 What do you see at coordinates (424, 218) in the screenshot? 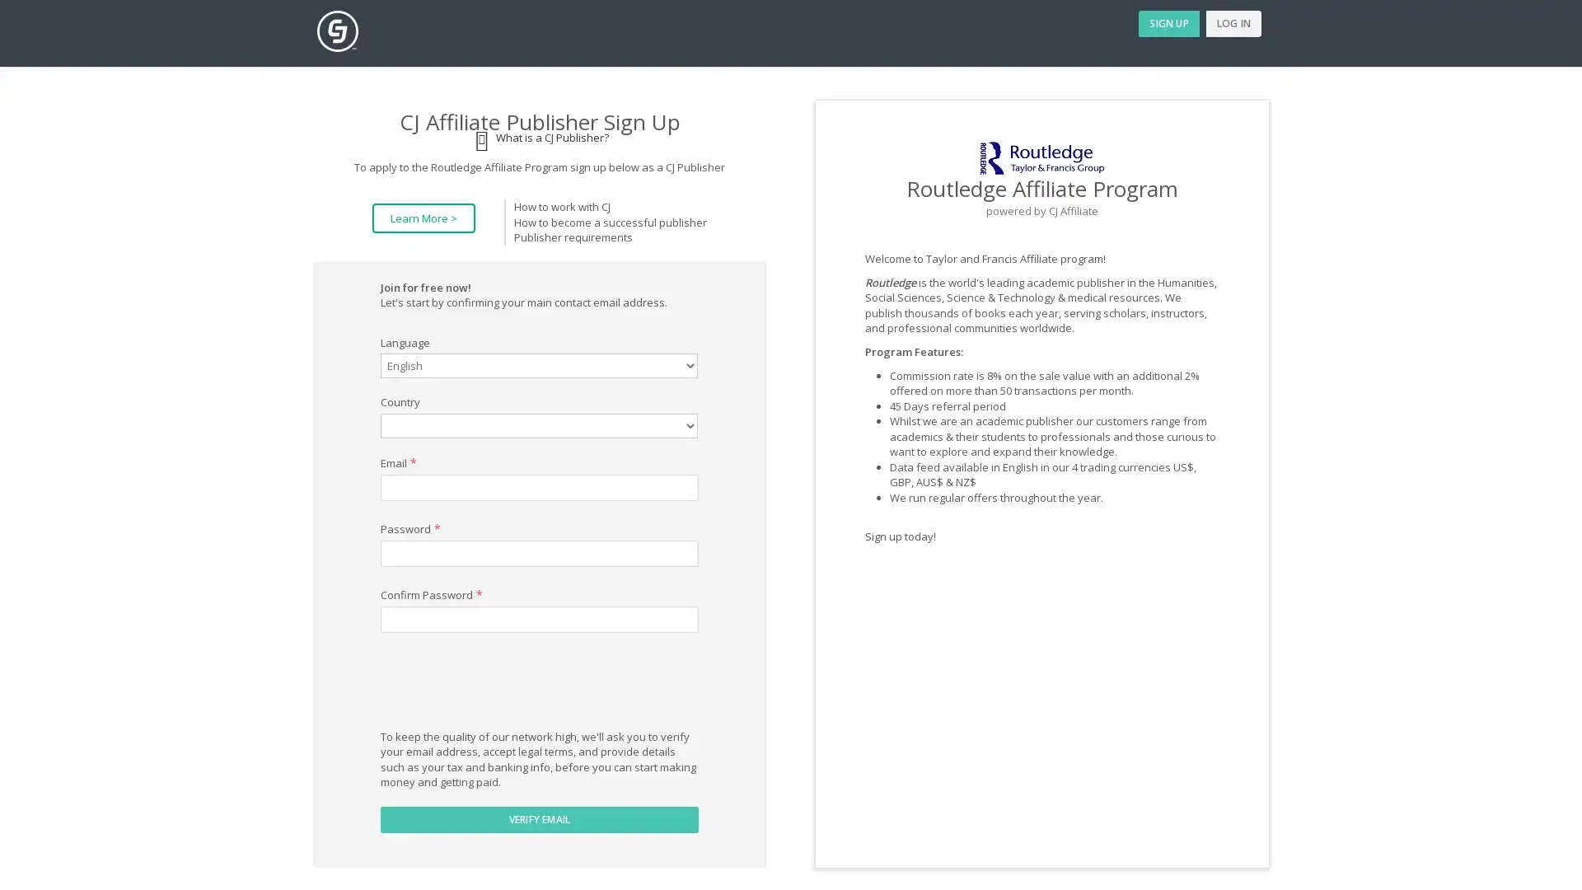
I see `Learn More >` at bounding box center [424, 218].